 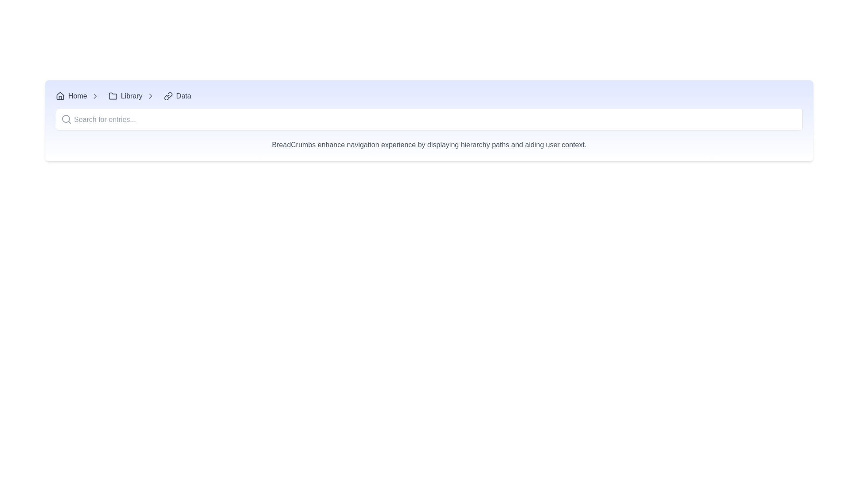 What do you see at coordinates (112, 96) in the screenshot?
I see `the Library icon in the breadcrumb navigation bar, which is located between the Home and Library labels` at bounding box center [112, 96].